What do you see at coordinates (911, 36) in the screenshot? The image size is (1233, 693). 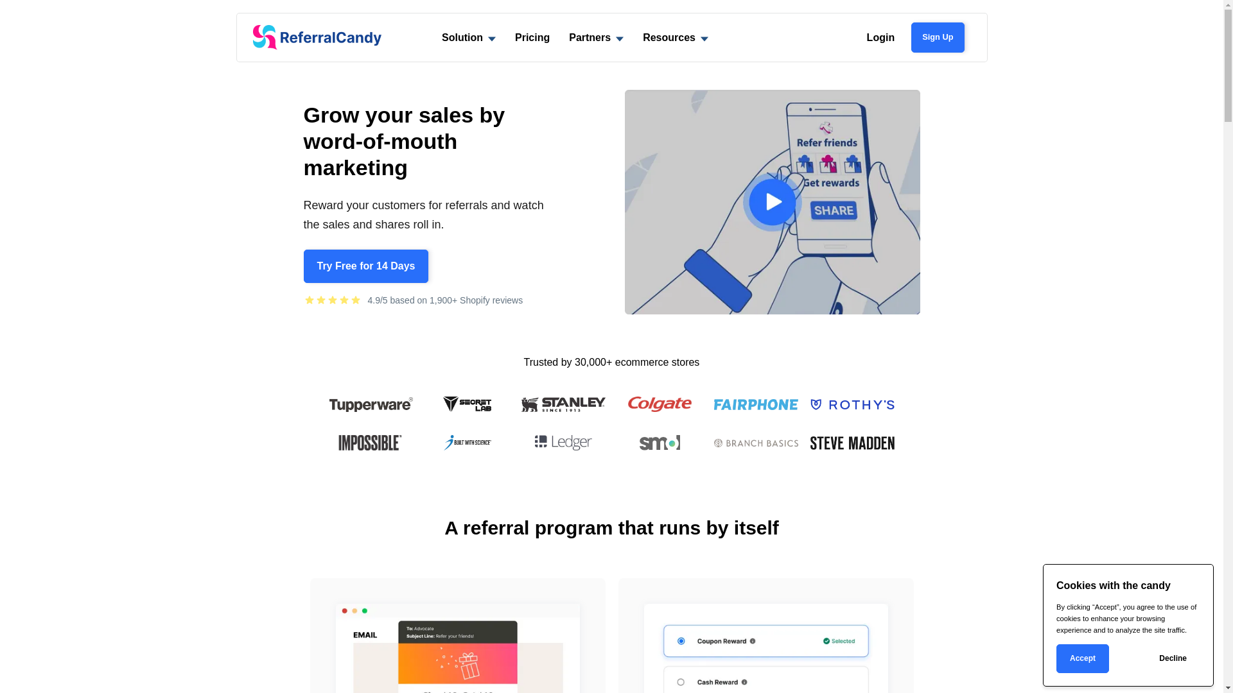 I see `'Sign Up'` at bounding box center [911, 36].